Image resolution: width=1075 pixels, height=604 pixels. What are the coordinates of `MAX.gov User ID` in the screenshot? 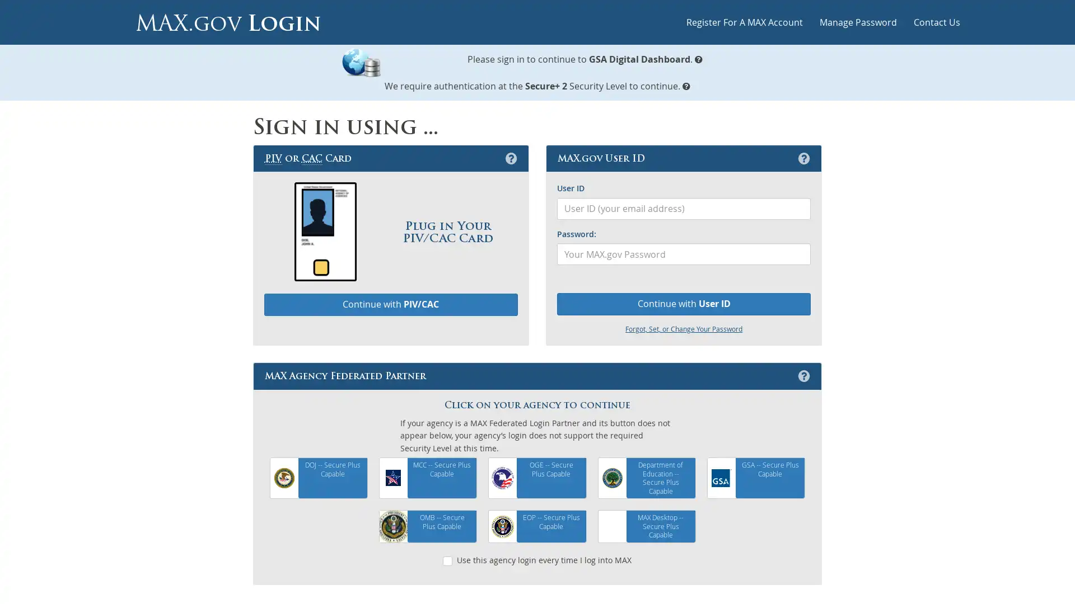 It's located at (803, 157).